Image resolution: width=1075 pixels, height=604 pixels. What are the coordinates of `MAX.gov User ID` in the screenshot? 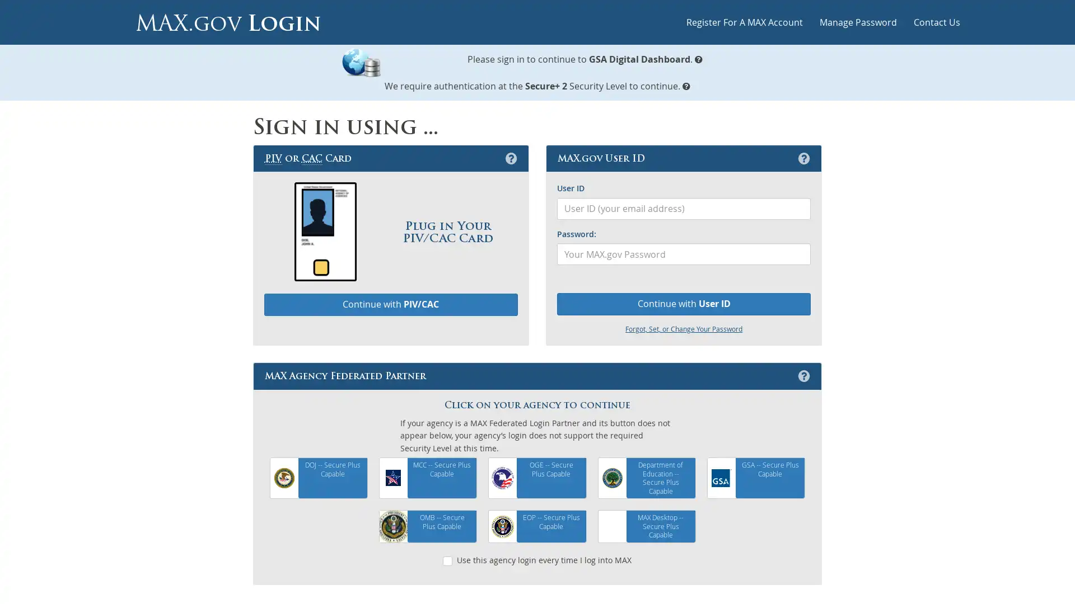 It's located at (803, 157).